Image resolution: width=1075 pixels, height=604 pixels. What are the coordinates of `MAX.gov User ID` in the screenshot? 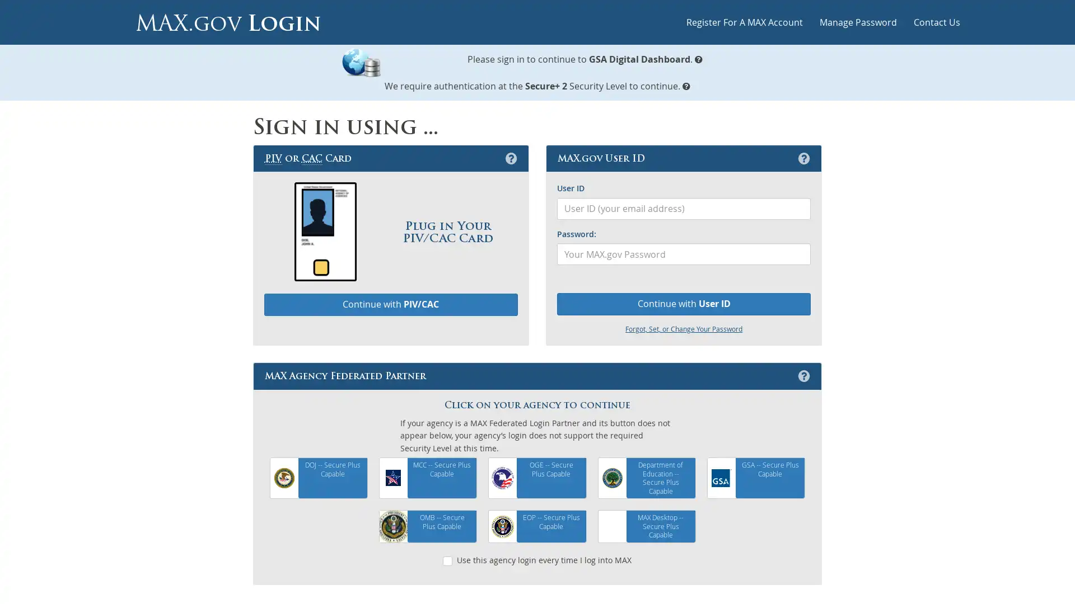 It's located at (803, 157).